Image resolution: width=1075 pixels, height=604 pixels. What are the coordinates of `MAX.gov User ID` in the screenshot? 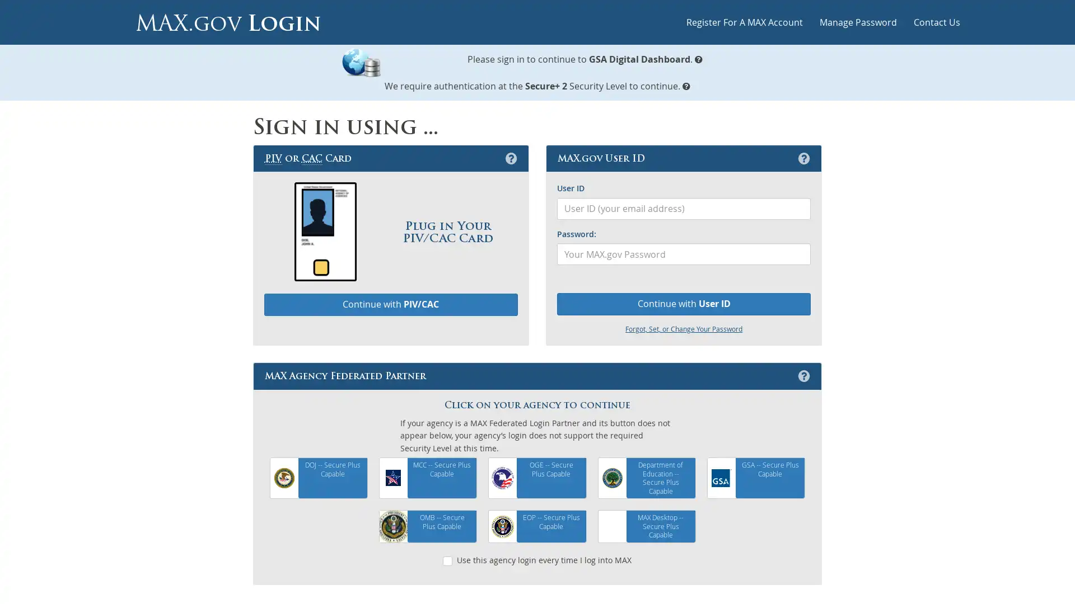 It's located at (803, 157).